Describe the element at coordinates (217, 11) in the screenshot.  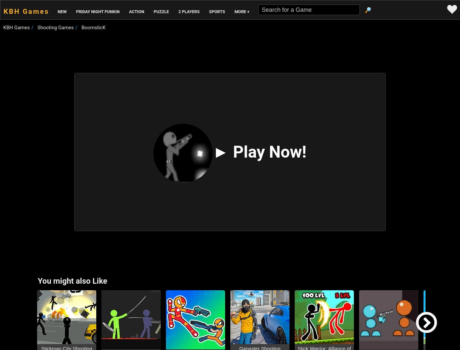
I see `'Sports'` at that location.